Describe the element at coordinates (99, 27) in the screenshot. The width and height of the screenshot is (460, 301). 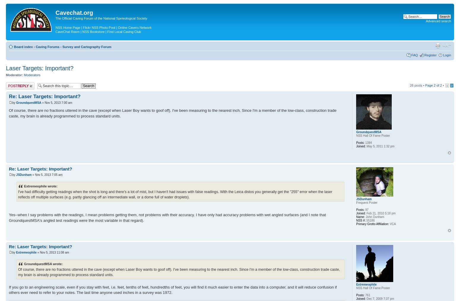
I see `'Flickr NSS Photo Pool'` at that location.